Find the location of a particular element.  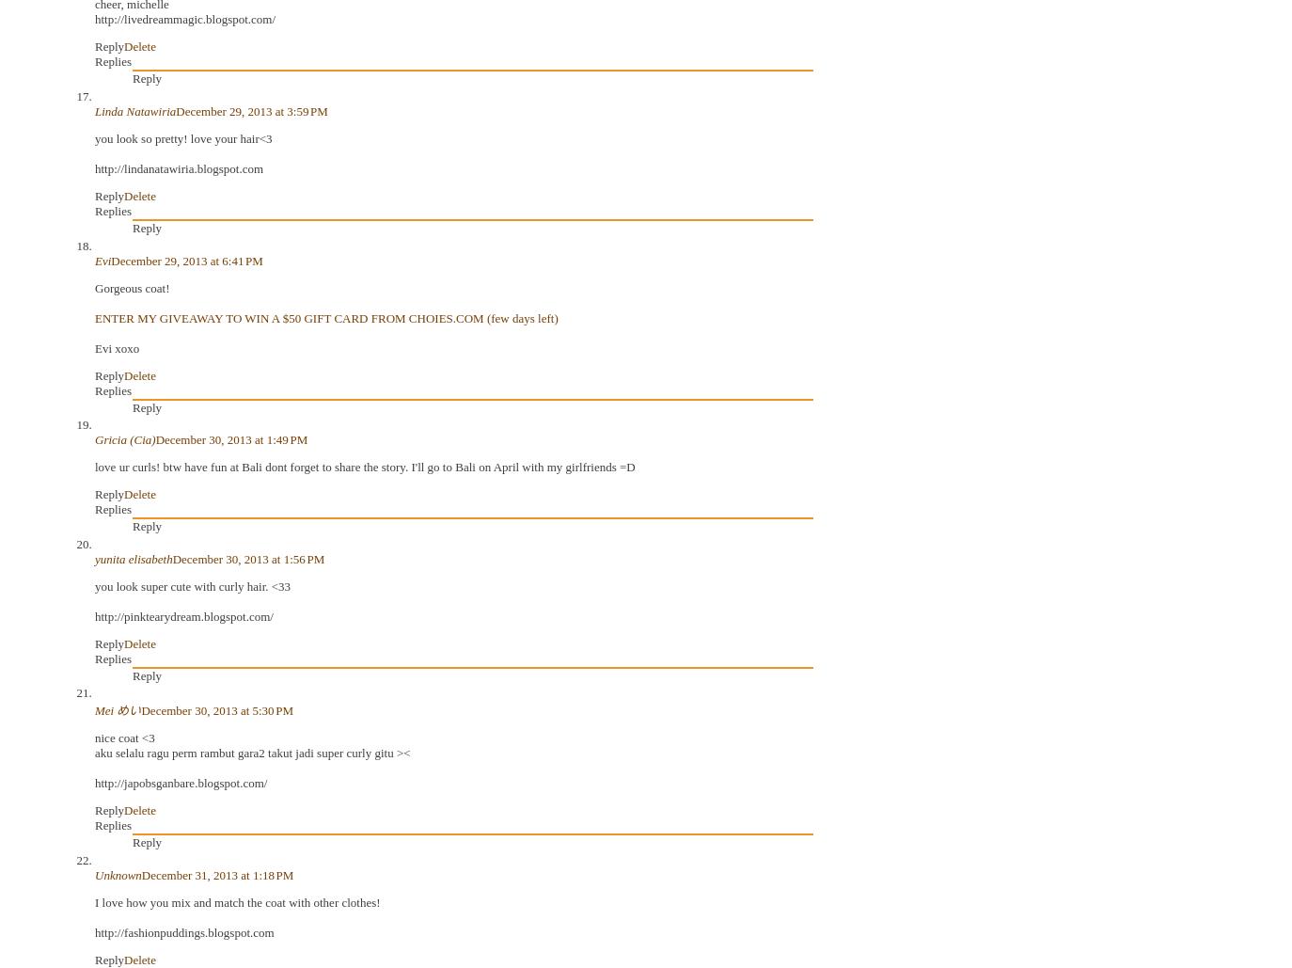

'Evi' is located at coordinates (102, 259).